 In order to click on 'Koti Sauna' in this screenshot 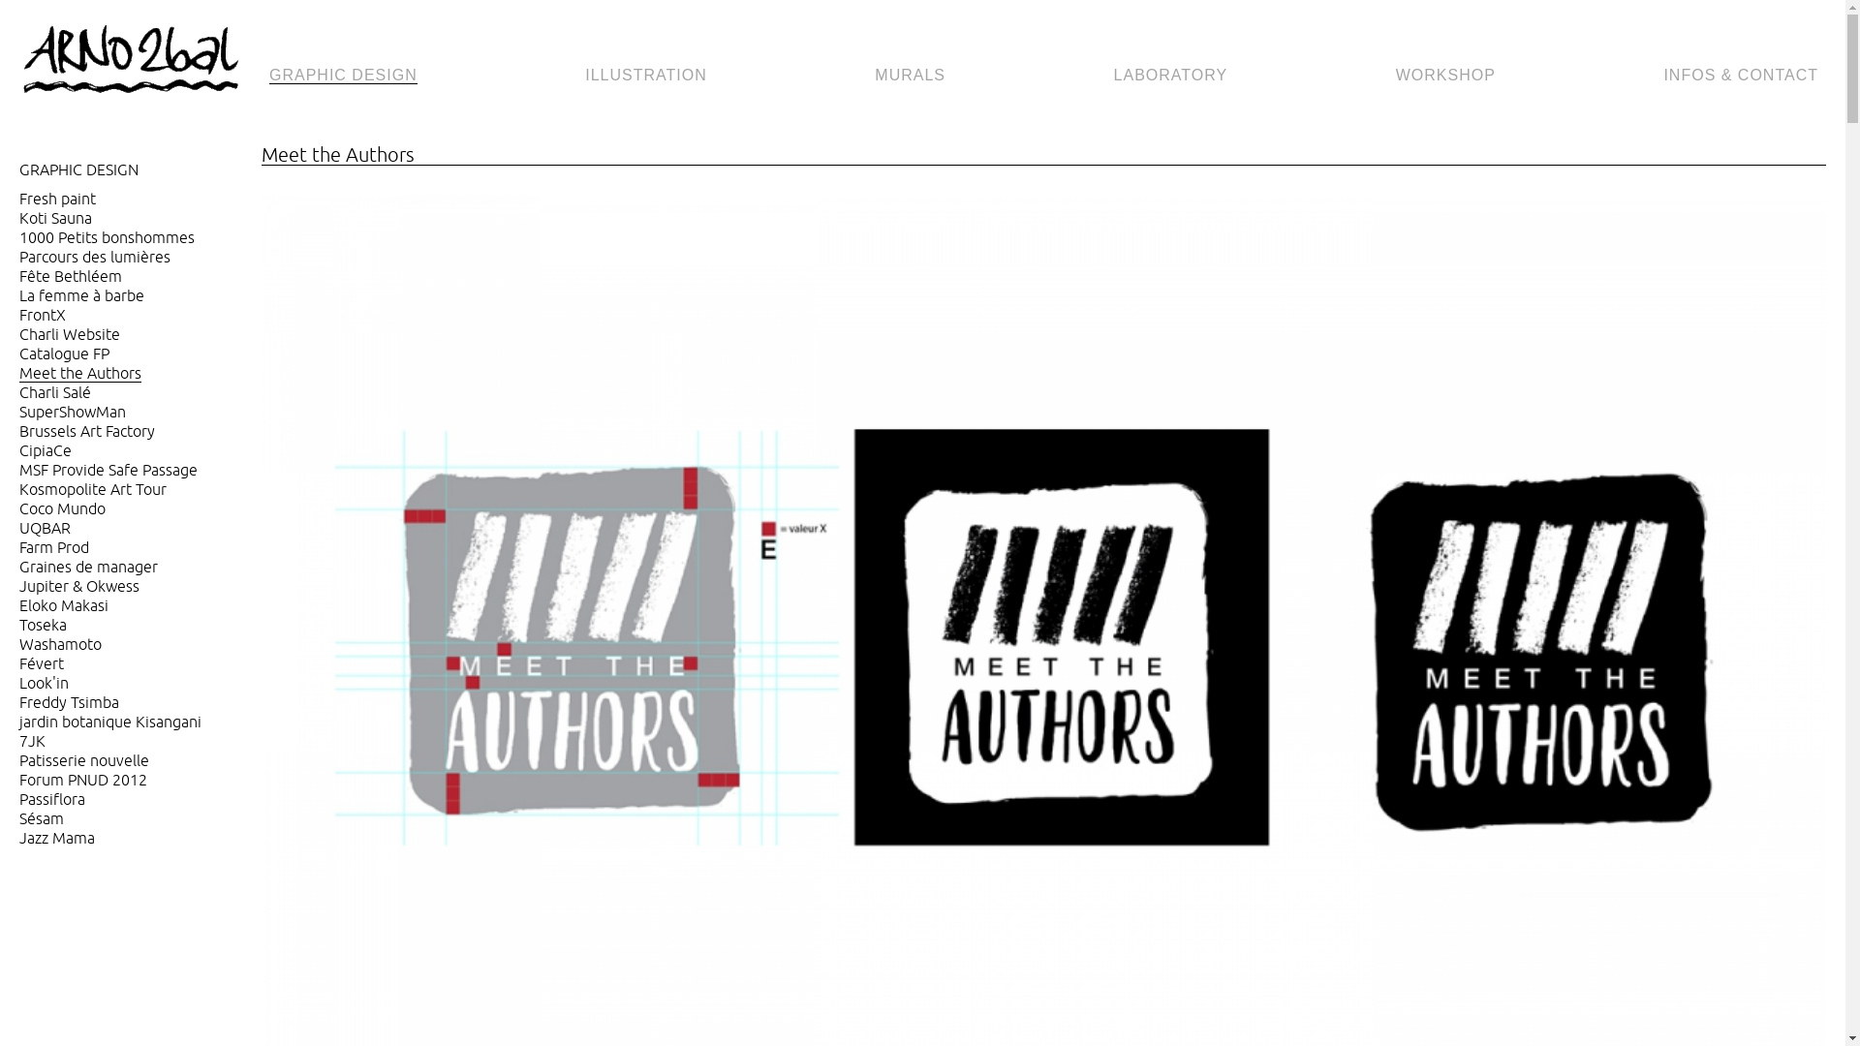, I will do `click(55, 218)`.